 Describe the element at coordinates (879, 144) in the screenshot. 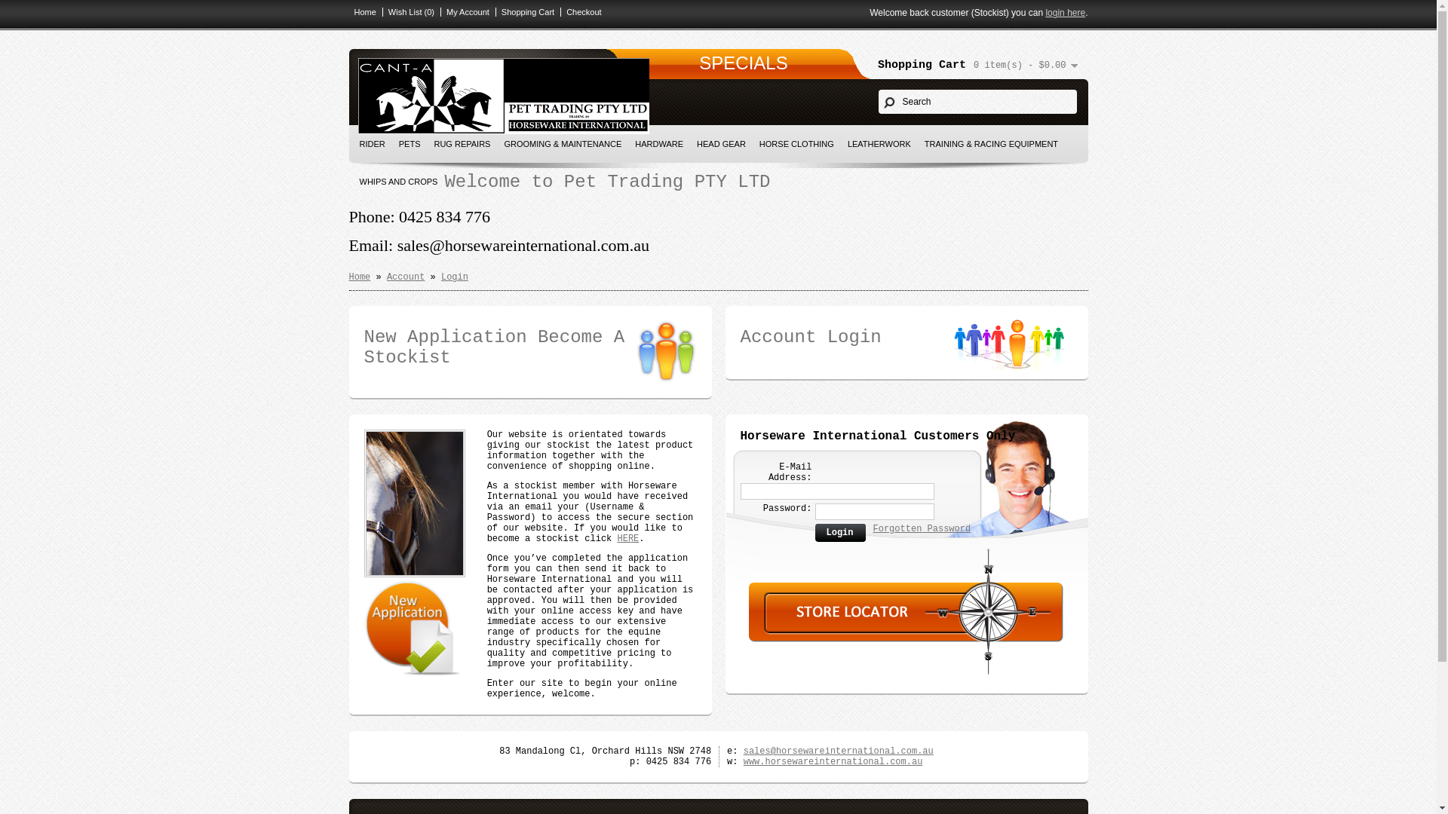

I see `'LEATHERWORK'` at that location.